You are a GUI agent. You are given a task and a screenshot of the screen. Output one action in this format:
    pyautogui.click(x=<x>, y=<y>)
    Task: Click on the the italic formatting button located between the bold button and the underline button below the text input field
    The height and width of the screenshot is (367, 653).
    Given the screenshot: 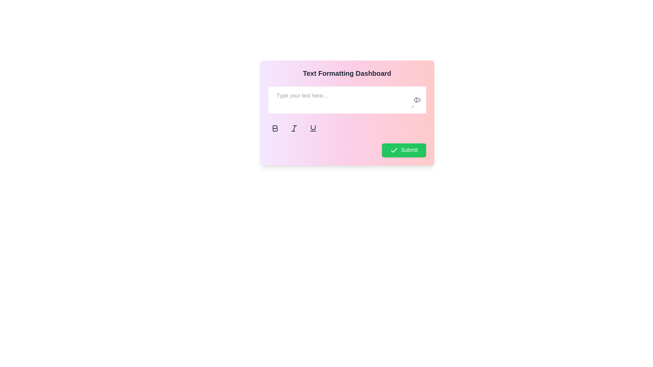 What is the action you would take?
    pyautogui.click(x=294, y=128)
    